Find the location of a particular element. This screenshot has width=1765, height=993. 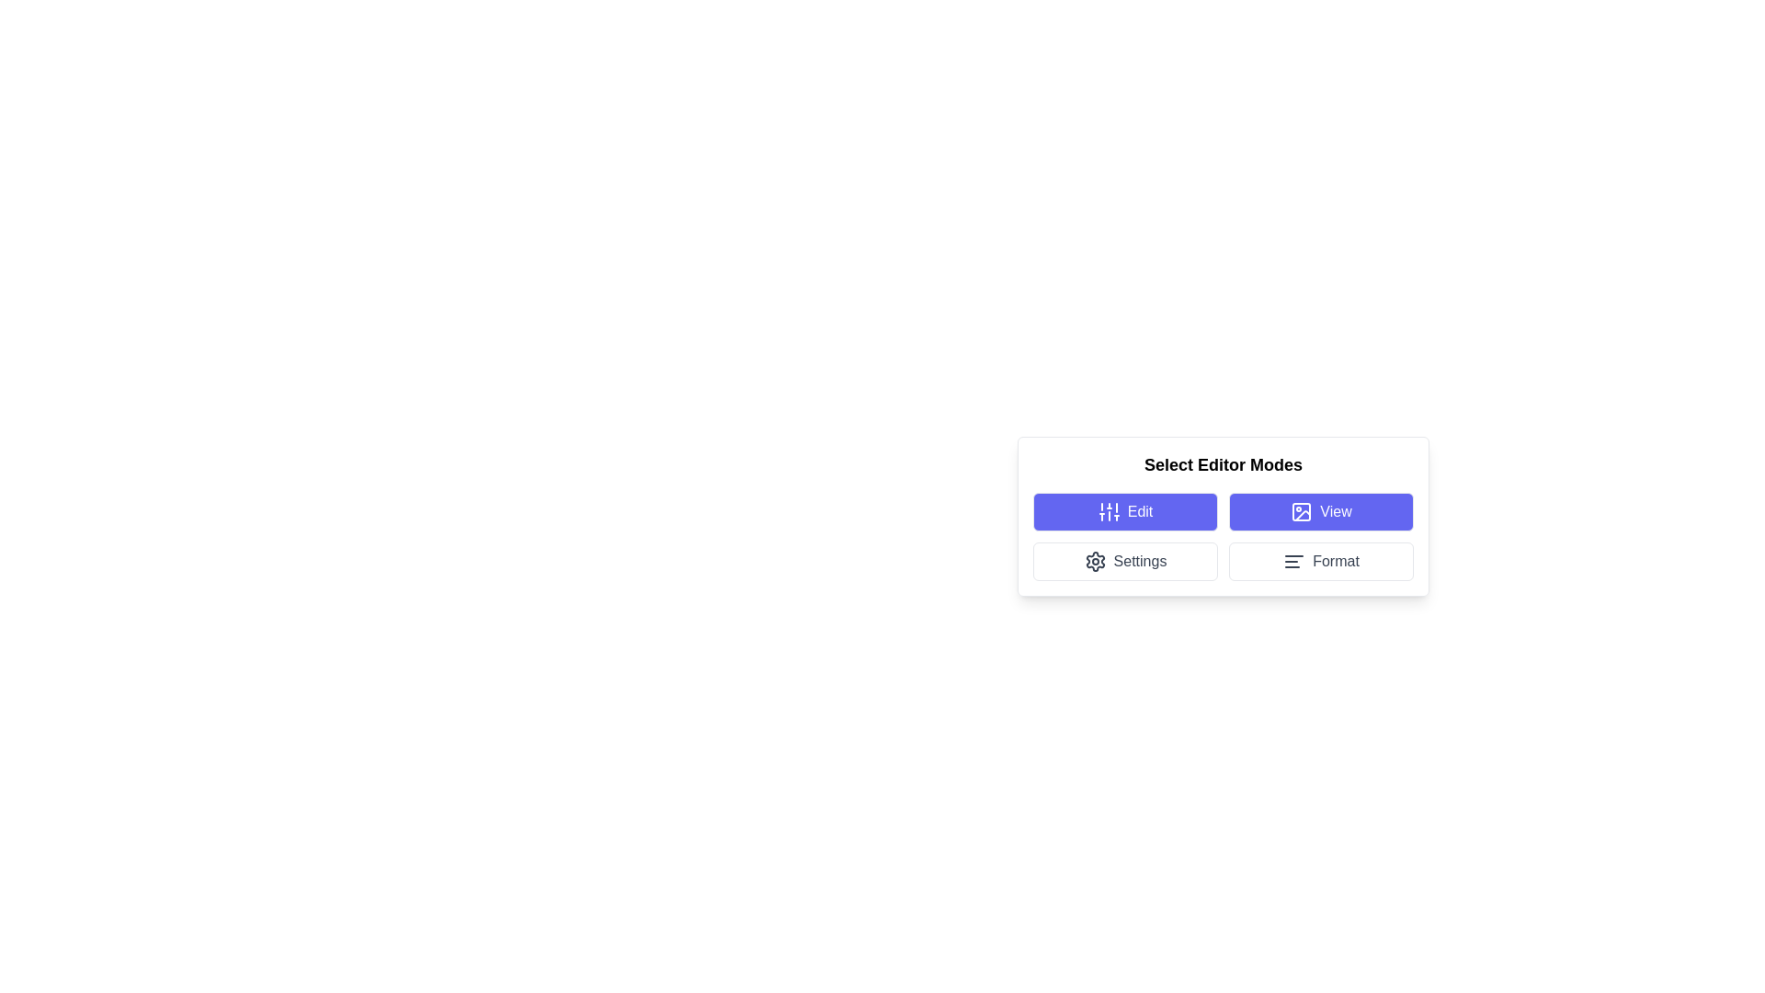

the 'Settings' button that contains the SVG icon representing gears, which is located under the 'Select Editor Modes' header and to the left of the label text is located at coordinates (1095, 560).